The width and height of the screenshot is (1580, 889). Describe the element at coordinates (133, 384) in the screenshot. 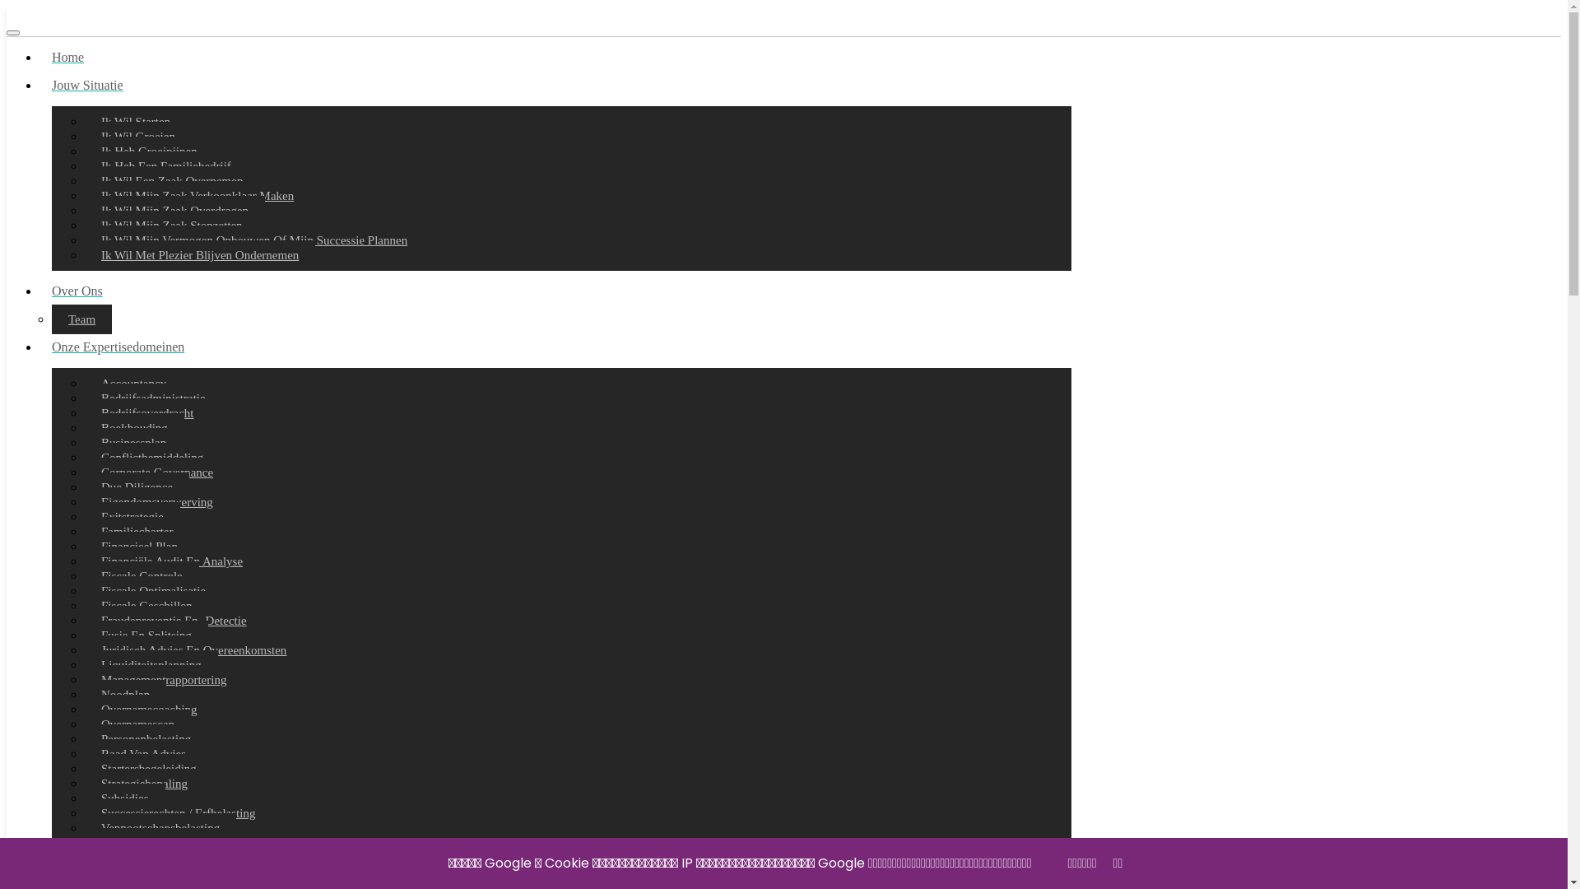

I see `'Accountancy'` at that location.